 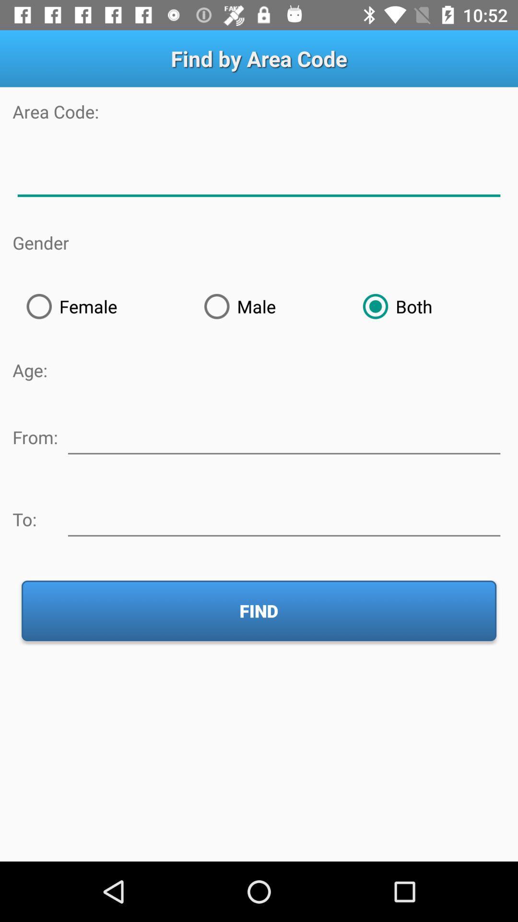 I want to click on radio button to the left of the male item, so click(x=101, y=306).